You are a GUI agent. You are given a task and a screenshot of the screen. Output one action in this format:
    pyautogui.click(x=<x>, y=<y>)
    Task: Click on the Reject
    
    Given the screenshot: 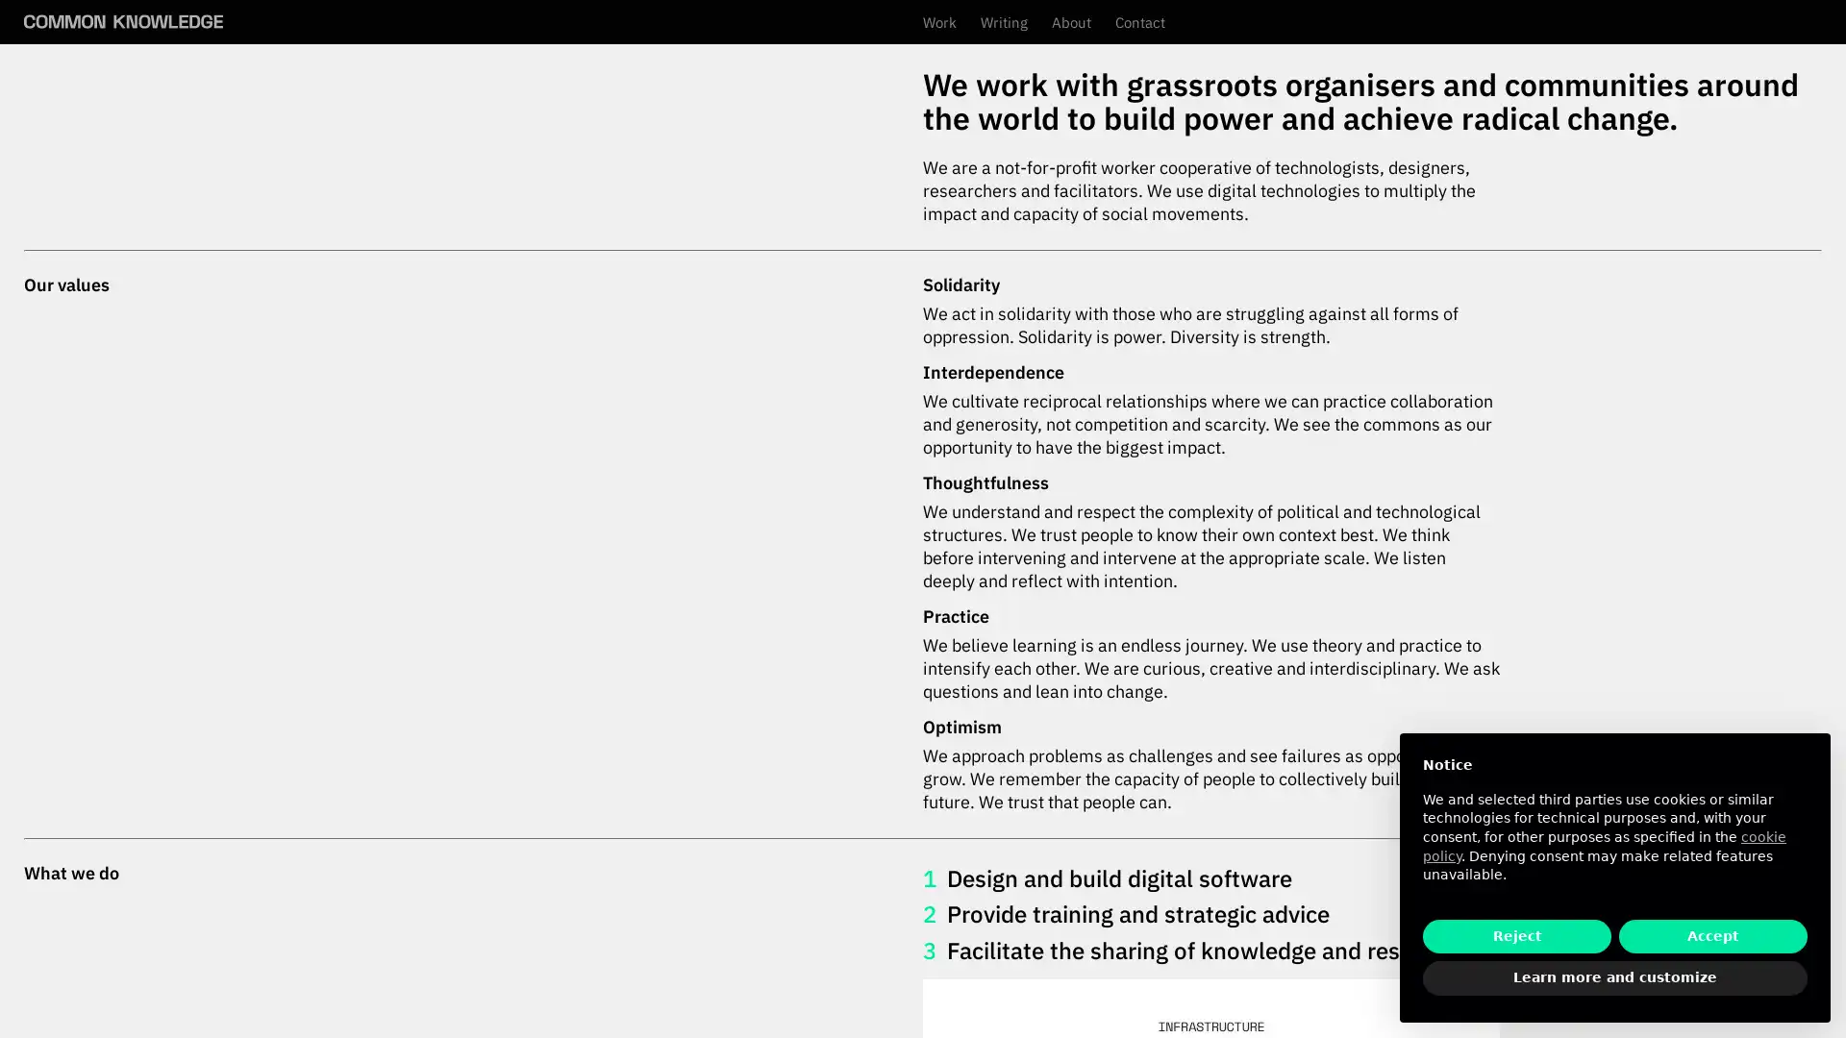 What is the action you would take?
    pyautogui.click(x=1516, y=935)
    